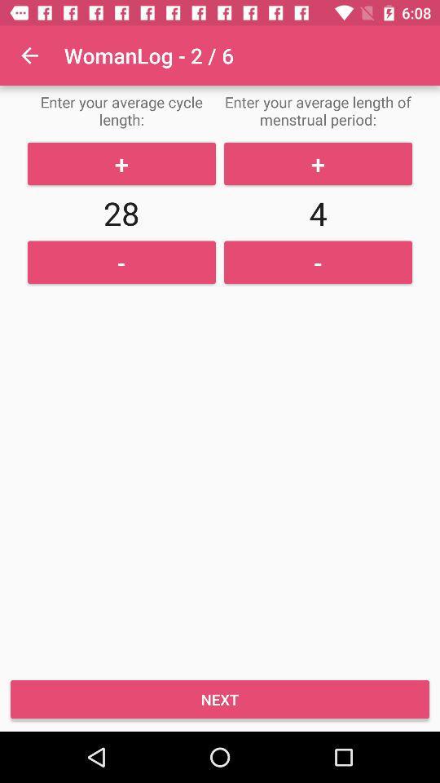  Describe the element at coordinates (121, 262) in the screenshot. I see `option below 28` at that location.